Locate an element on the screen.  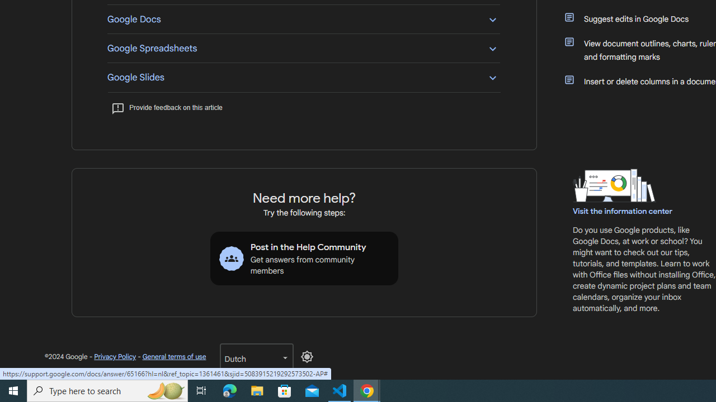
'General terms of use' is located at coordinates (173, 356).